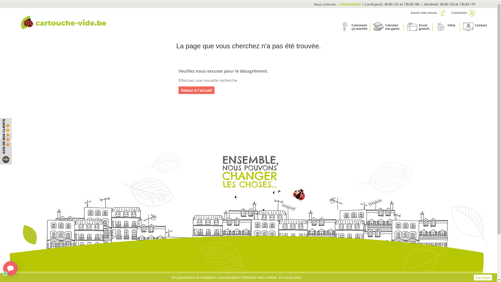  I want to click on 'En savoir plus.', so click(290, 277).